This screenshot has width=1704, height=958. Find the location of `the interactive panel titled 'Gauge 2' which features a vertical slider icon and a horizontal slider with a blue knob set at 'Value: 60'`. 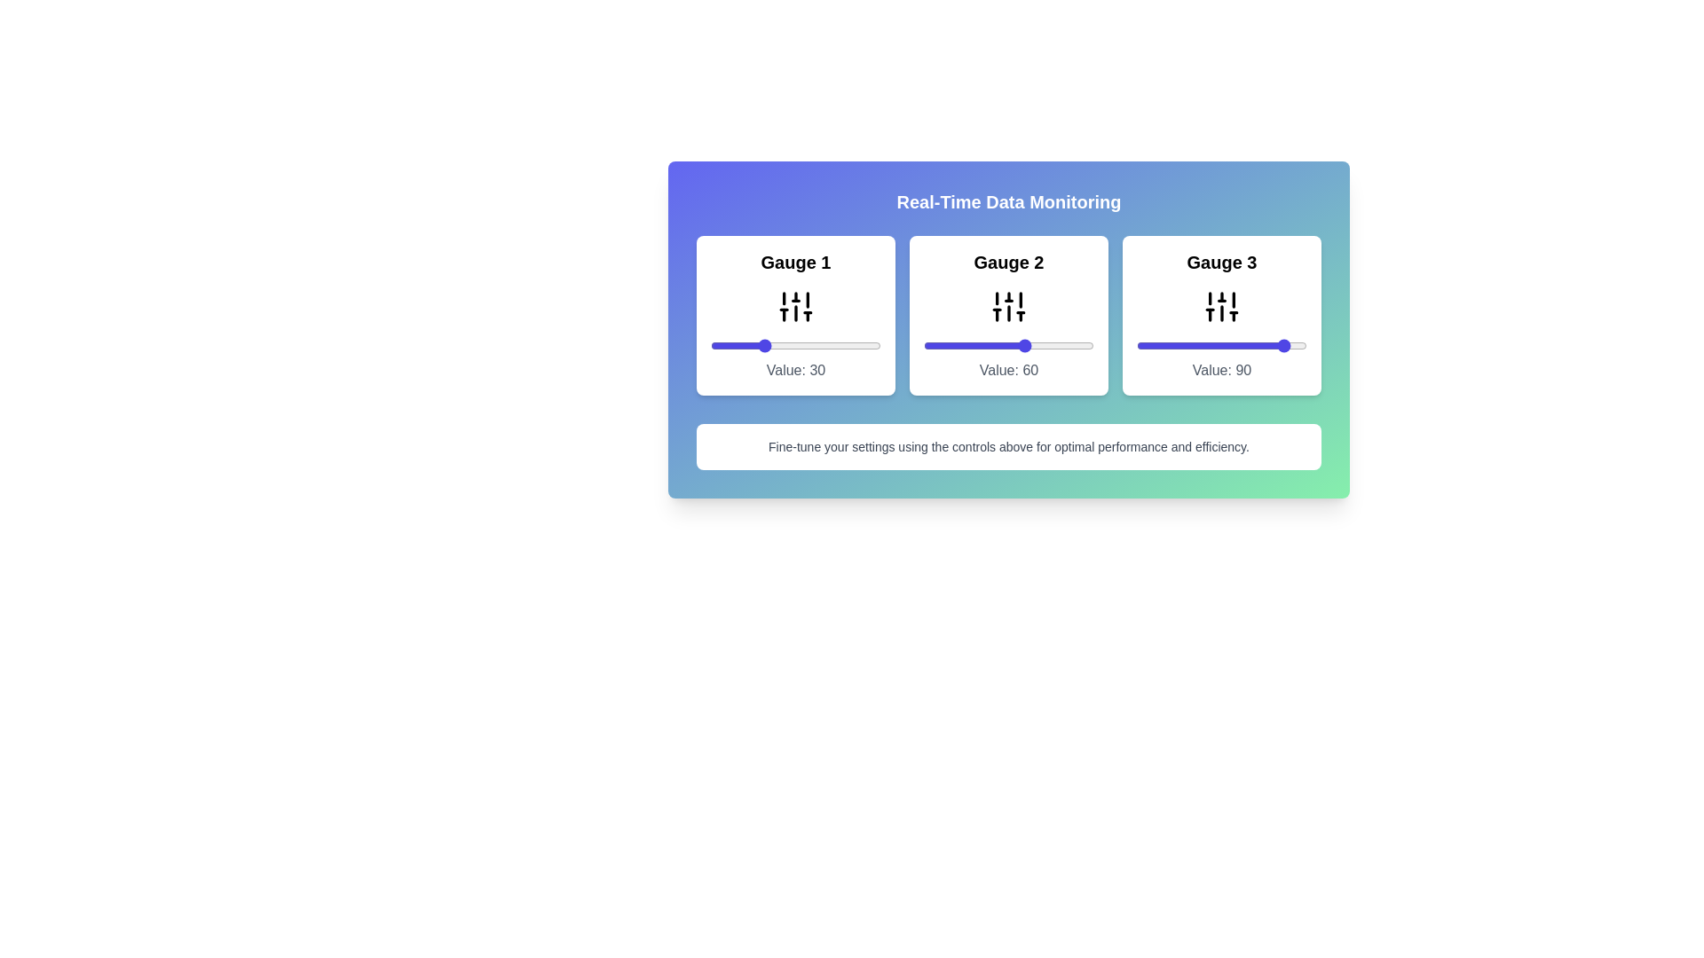

the interactive panel titled 'Gauge 2' which features a vertical slider icon and a horizontal slider with a blue knob set at 'Value: 60' is located at coordinates (1009, 314).